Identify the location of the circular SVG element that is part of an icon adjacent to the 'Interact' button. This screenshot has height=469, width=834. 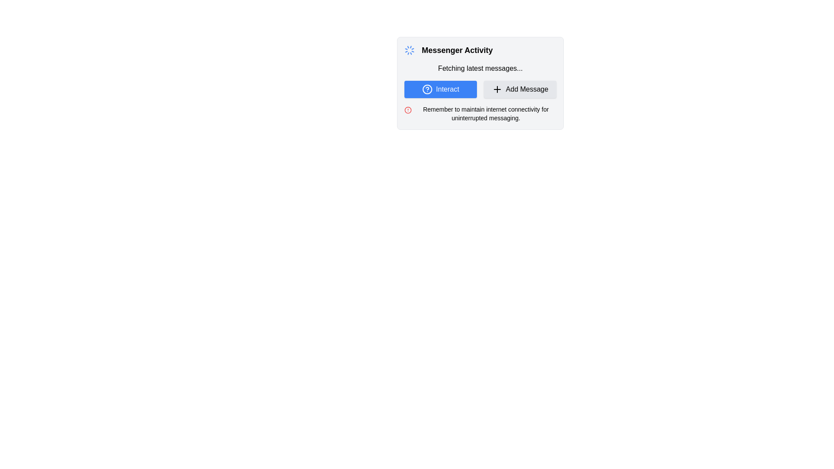
(427, 89).